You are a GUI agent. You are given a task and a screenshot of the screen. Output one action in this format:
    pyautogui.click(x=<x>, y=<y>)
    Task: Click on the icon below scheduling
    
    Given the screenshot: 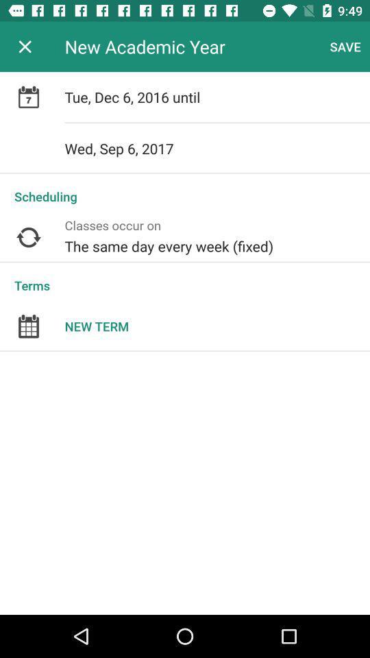 What is the action you would take?
    pyautogui.click(x=217, y=237)
    